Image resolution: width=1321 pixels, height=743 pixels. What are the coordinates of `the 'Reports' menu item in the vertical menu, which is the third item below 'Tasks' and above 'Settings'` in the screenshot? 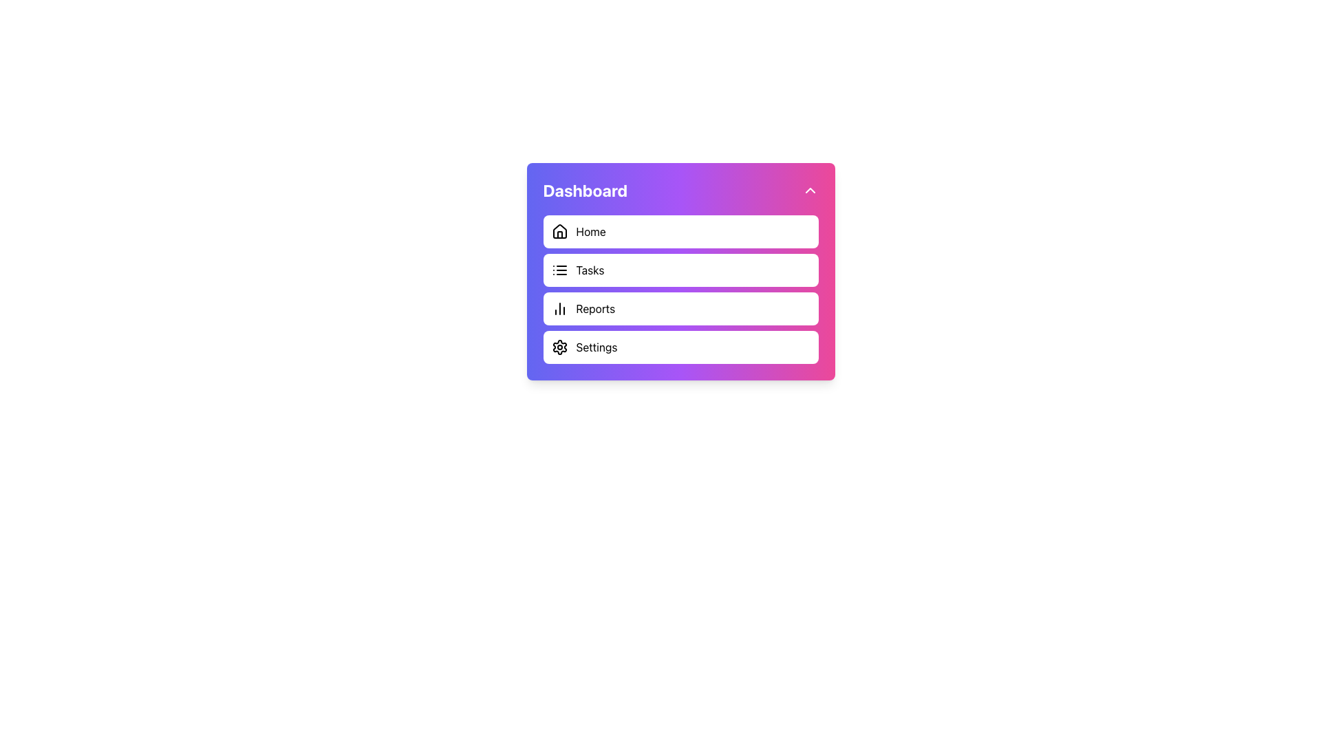 It's located at (680, 288).